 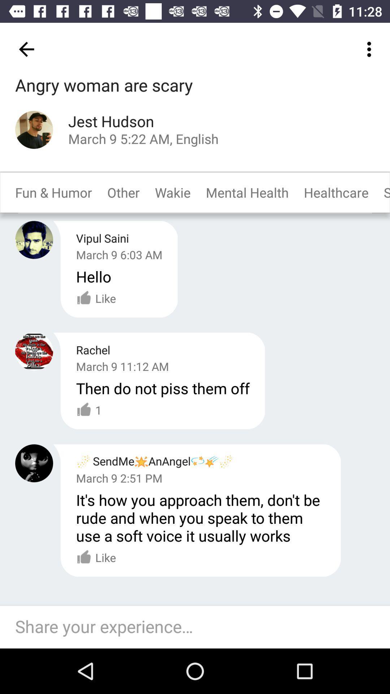 I want to click on profile, so click(x=34, y=351).